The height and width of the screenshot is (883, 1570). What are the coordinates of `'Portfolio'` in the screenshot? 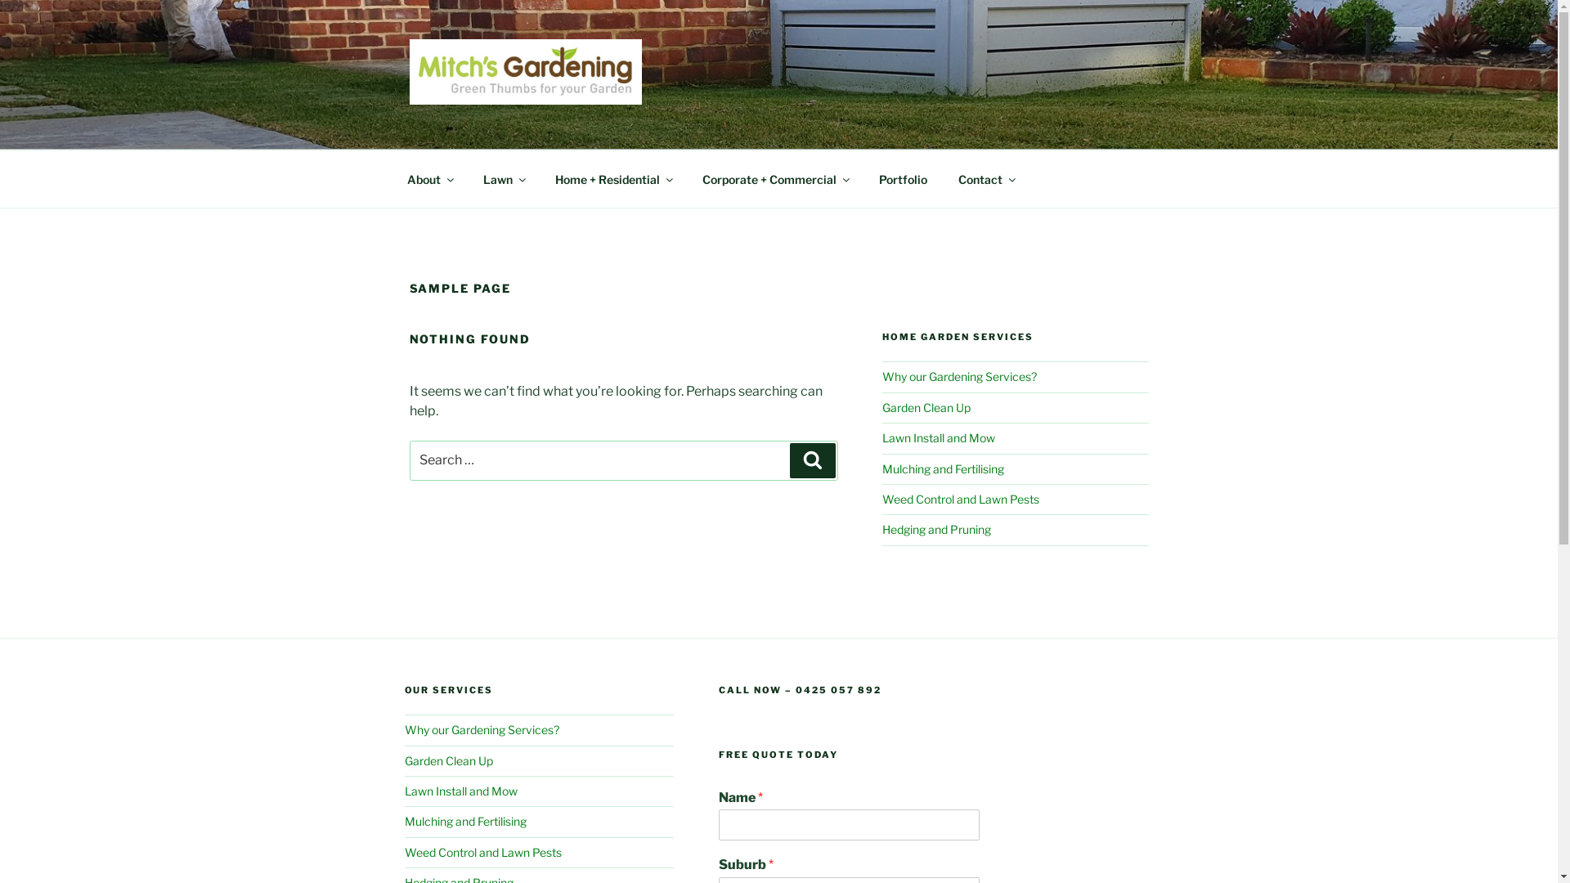 It's located at (902, 178).